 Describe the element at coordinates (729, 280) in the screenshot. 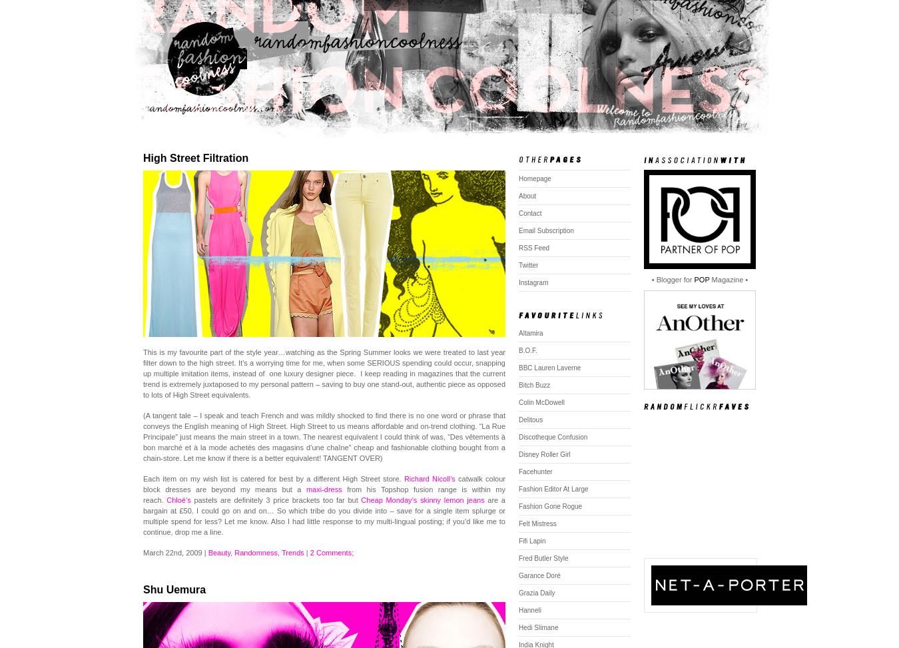

I see `'Magazine •'` at that location.